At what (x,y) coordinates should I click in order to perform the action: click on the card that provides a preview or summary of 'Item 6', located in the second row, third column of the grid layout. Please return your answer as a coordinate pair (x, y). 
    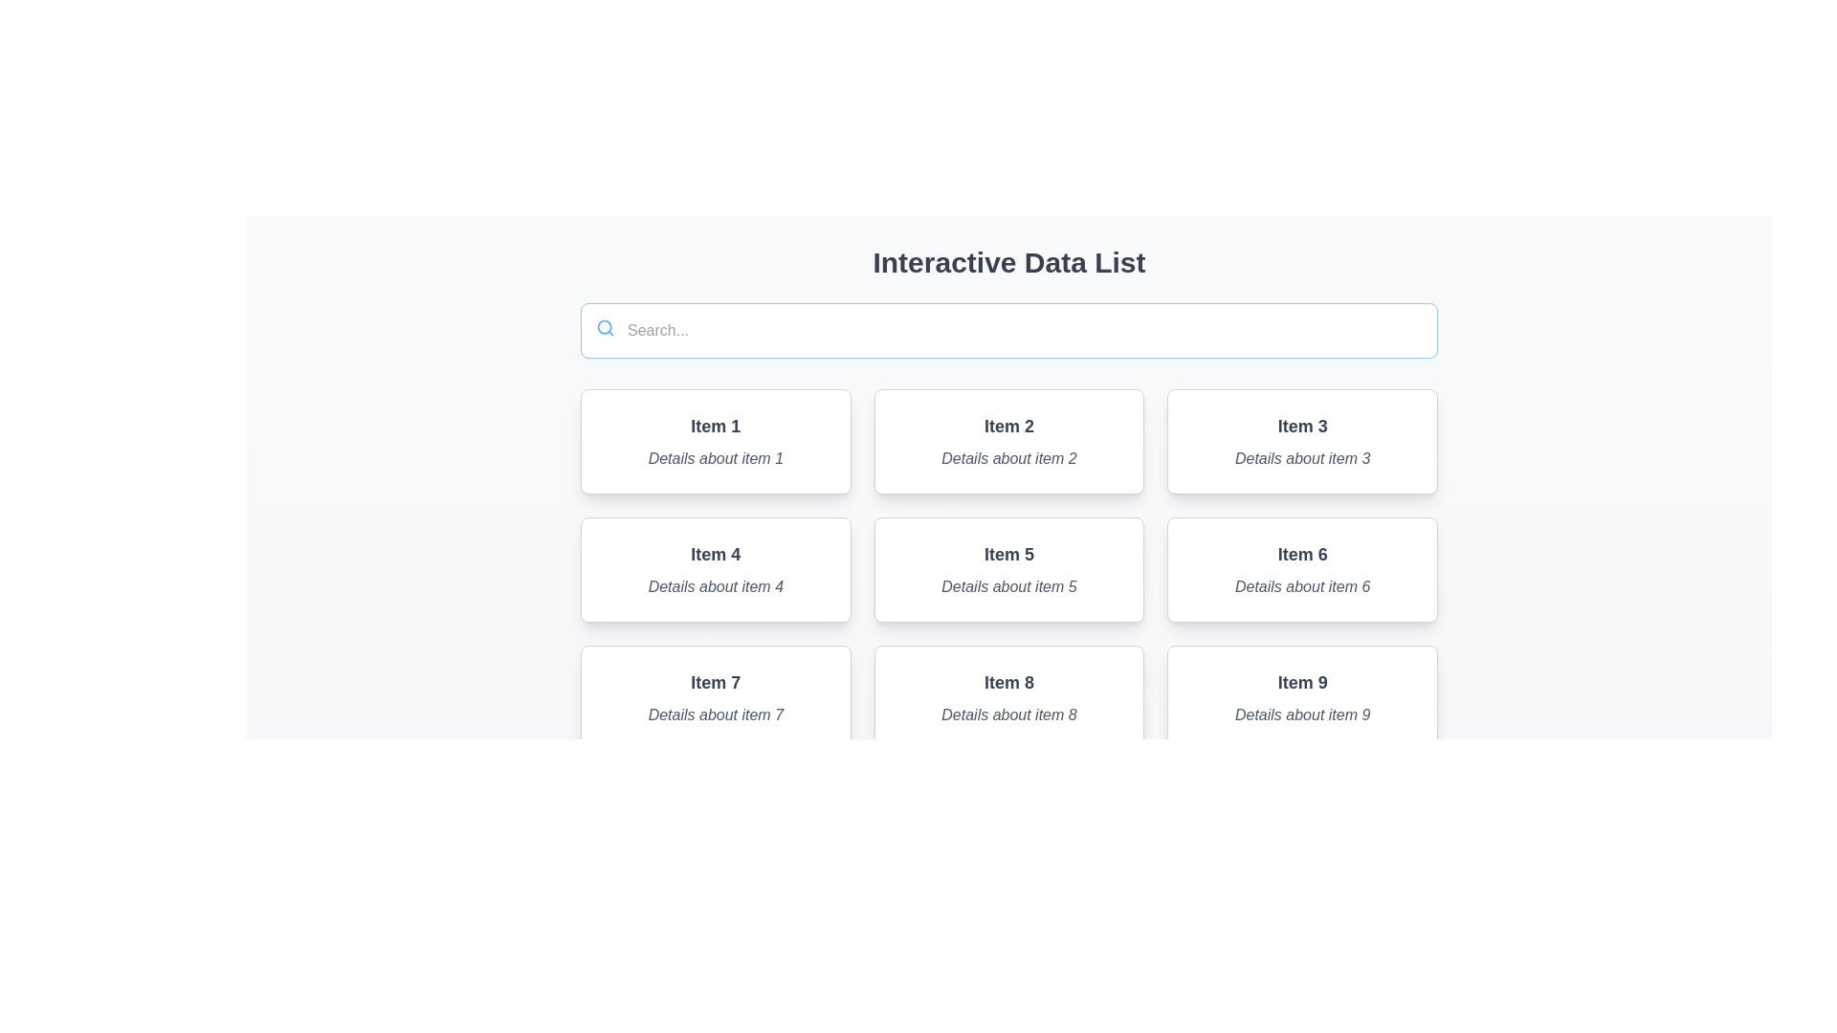
    Looking at the image, I should click on (1301, 569).